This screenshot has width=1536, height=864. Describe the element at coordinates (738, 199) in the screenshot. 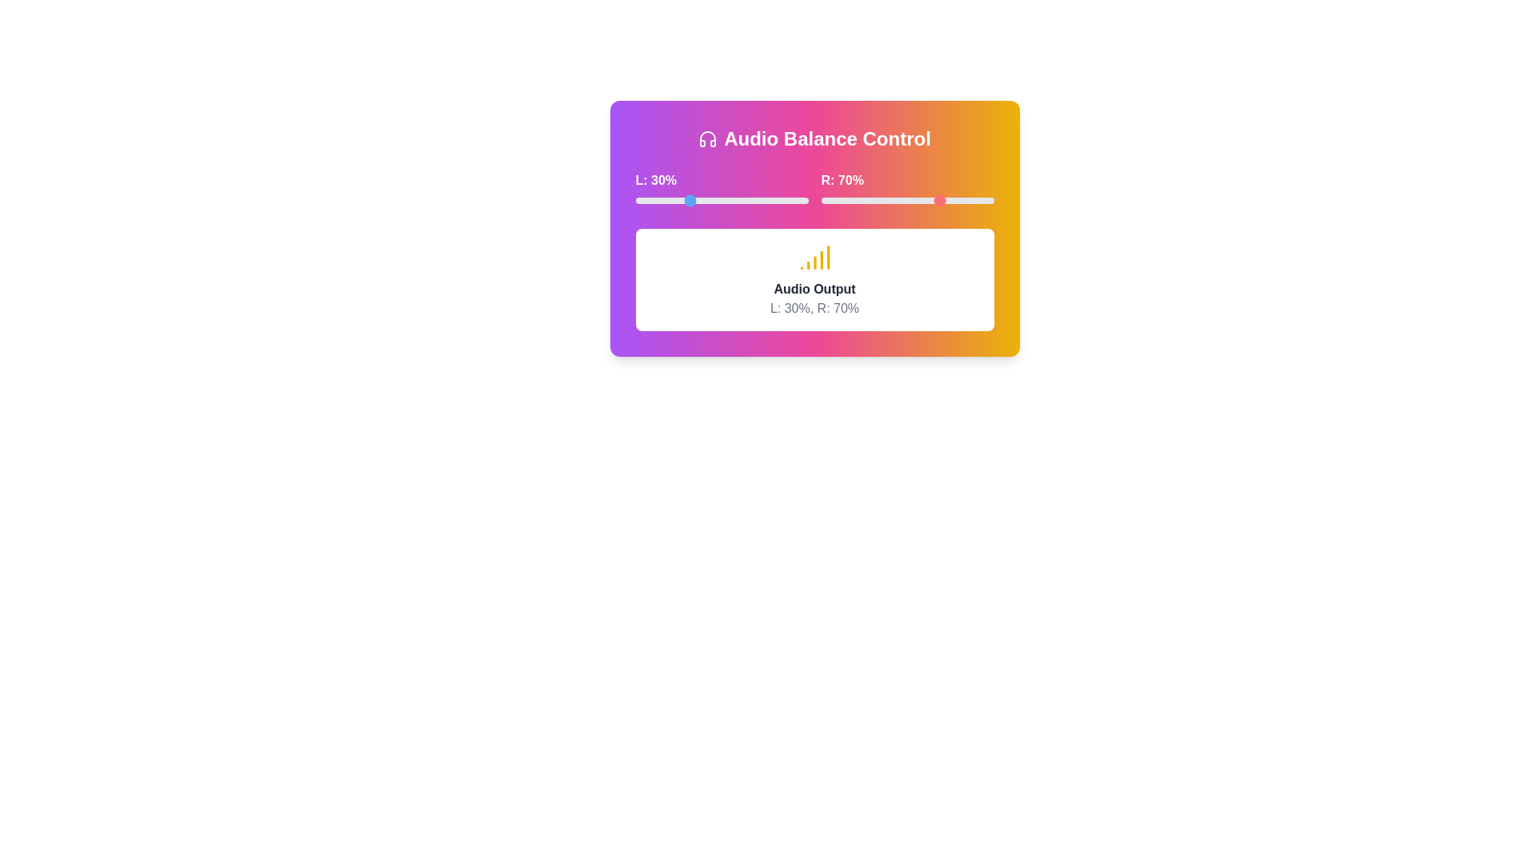

I see `the left volume slider to 60%` at that location.